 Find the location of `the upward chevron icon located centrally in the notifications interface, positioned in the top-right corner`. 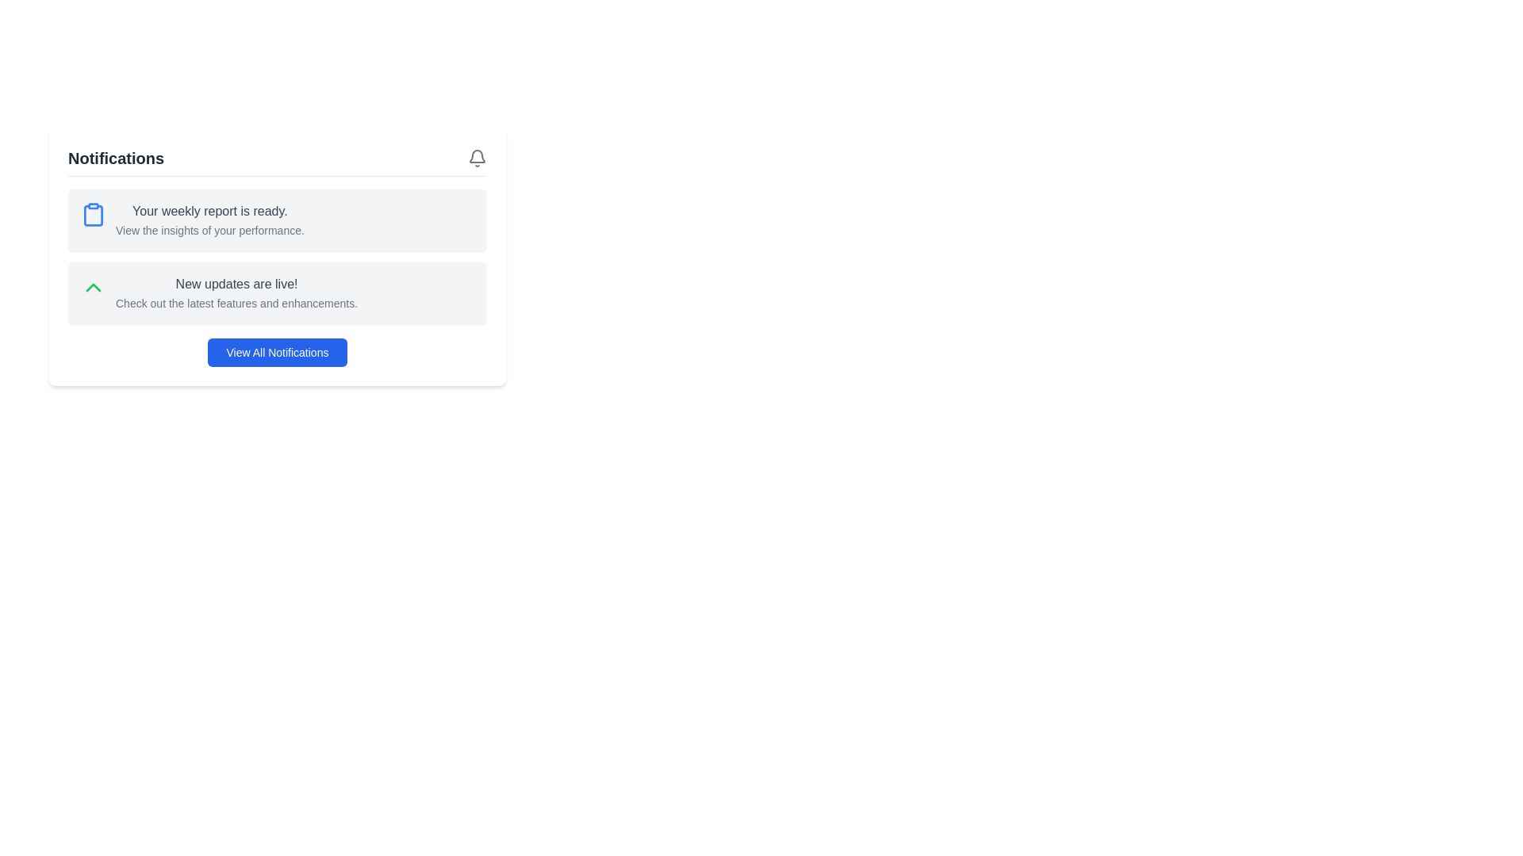

the upward chevron icon located centrally in the notifications interface, positioned in the top-right corner is located at coordinates (93, 287).